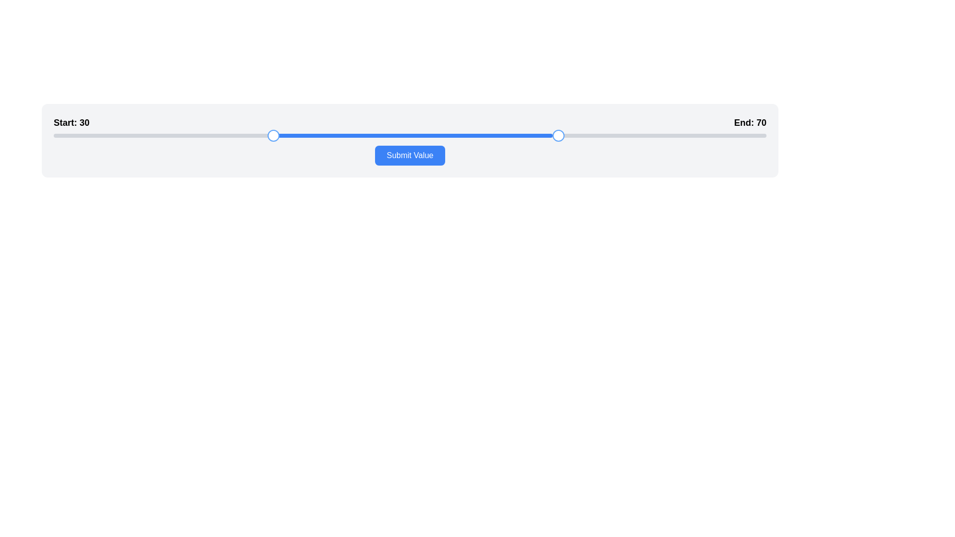 This screenshot has height=537, width=955. I want to click on the 'Submit Value' button with a blue background and rounded corners, located below the horizontal progress bar, so click(410, 155).